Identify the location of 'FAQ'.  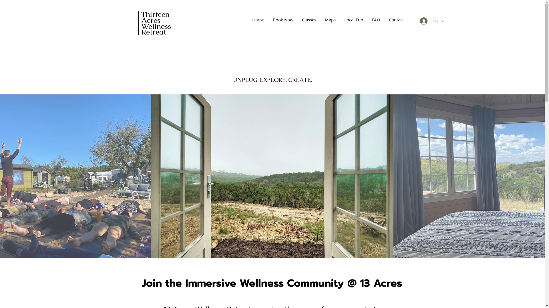
(376, 19).